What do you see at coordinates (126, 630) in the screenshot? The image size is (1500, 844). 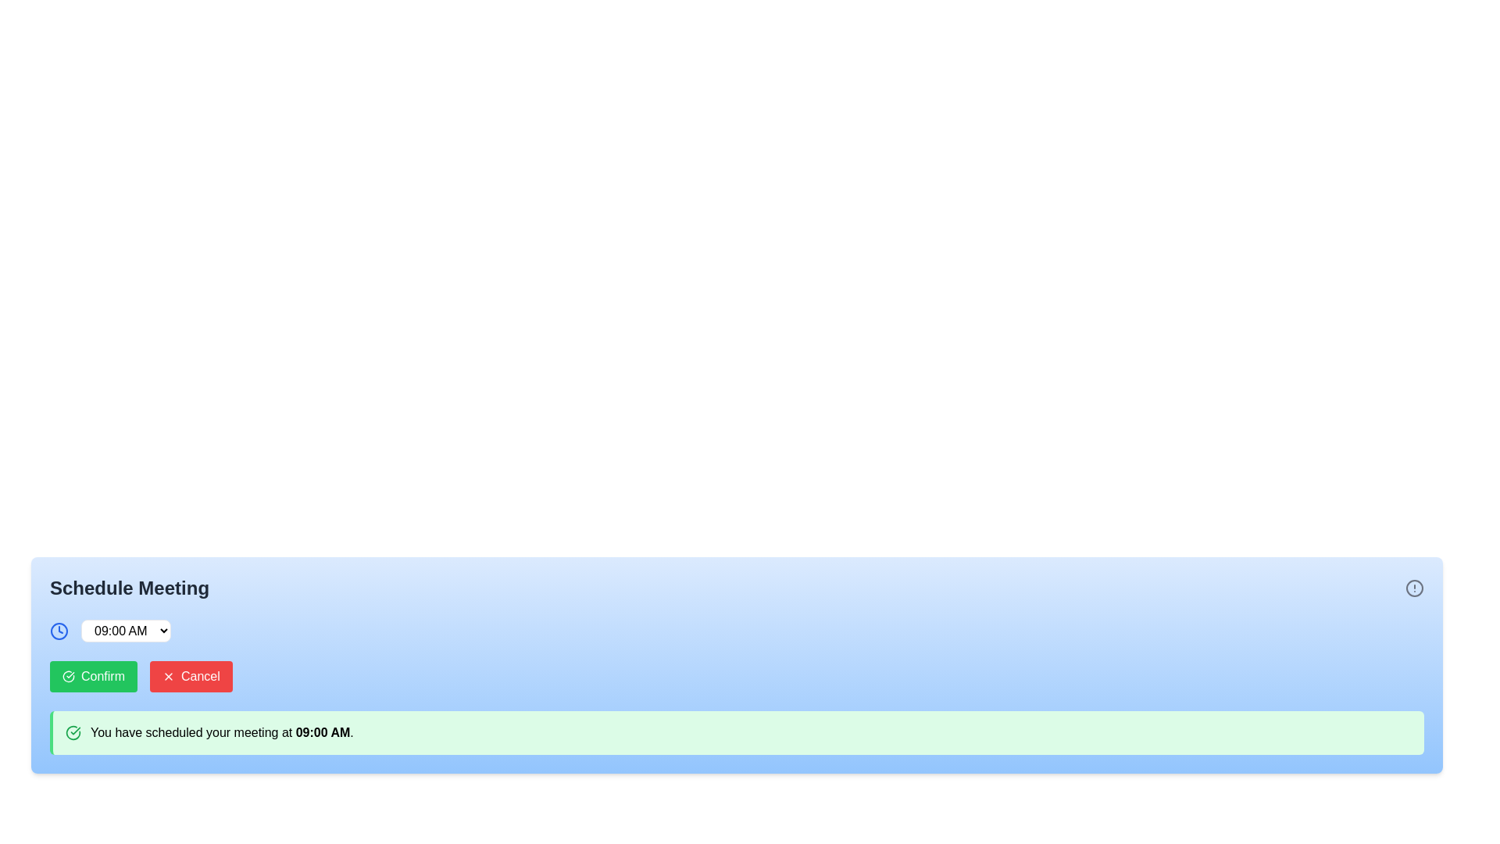 I see `the dropdown menu displaying '09:00 AM'` at bounding box center [126, 630].